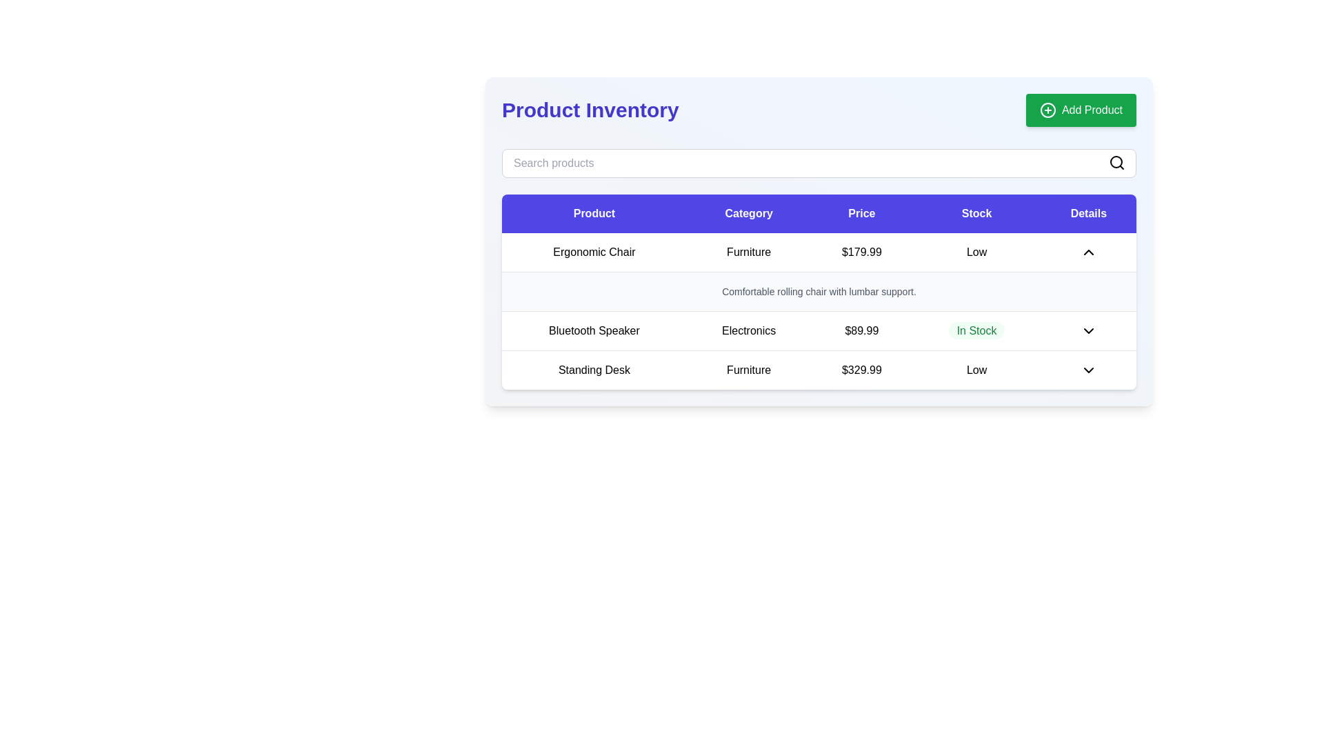 The image size is (1324, 745). What do you see at coordinates (1087, 213) in the screenshot?
I see `the 'Details' header element, which is the fifth header in the horizontal list of a data table, characterized by a violet background and white text` at bounding box center [1087, 213].